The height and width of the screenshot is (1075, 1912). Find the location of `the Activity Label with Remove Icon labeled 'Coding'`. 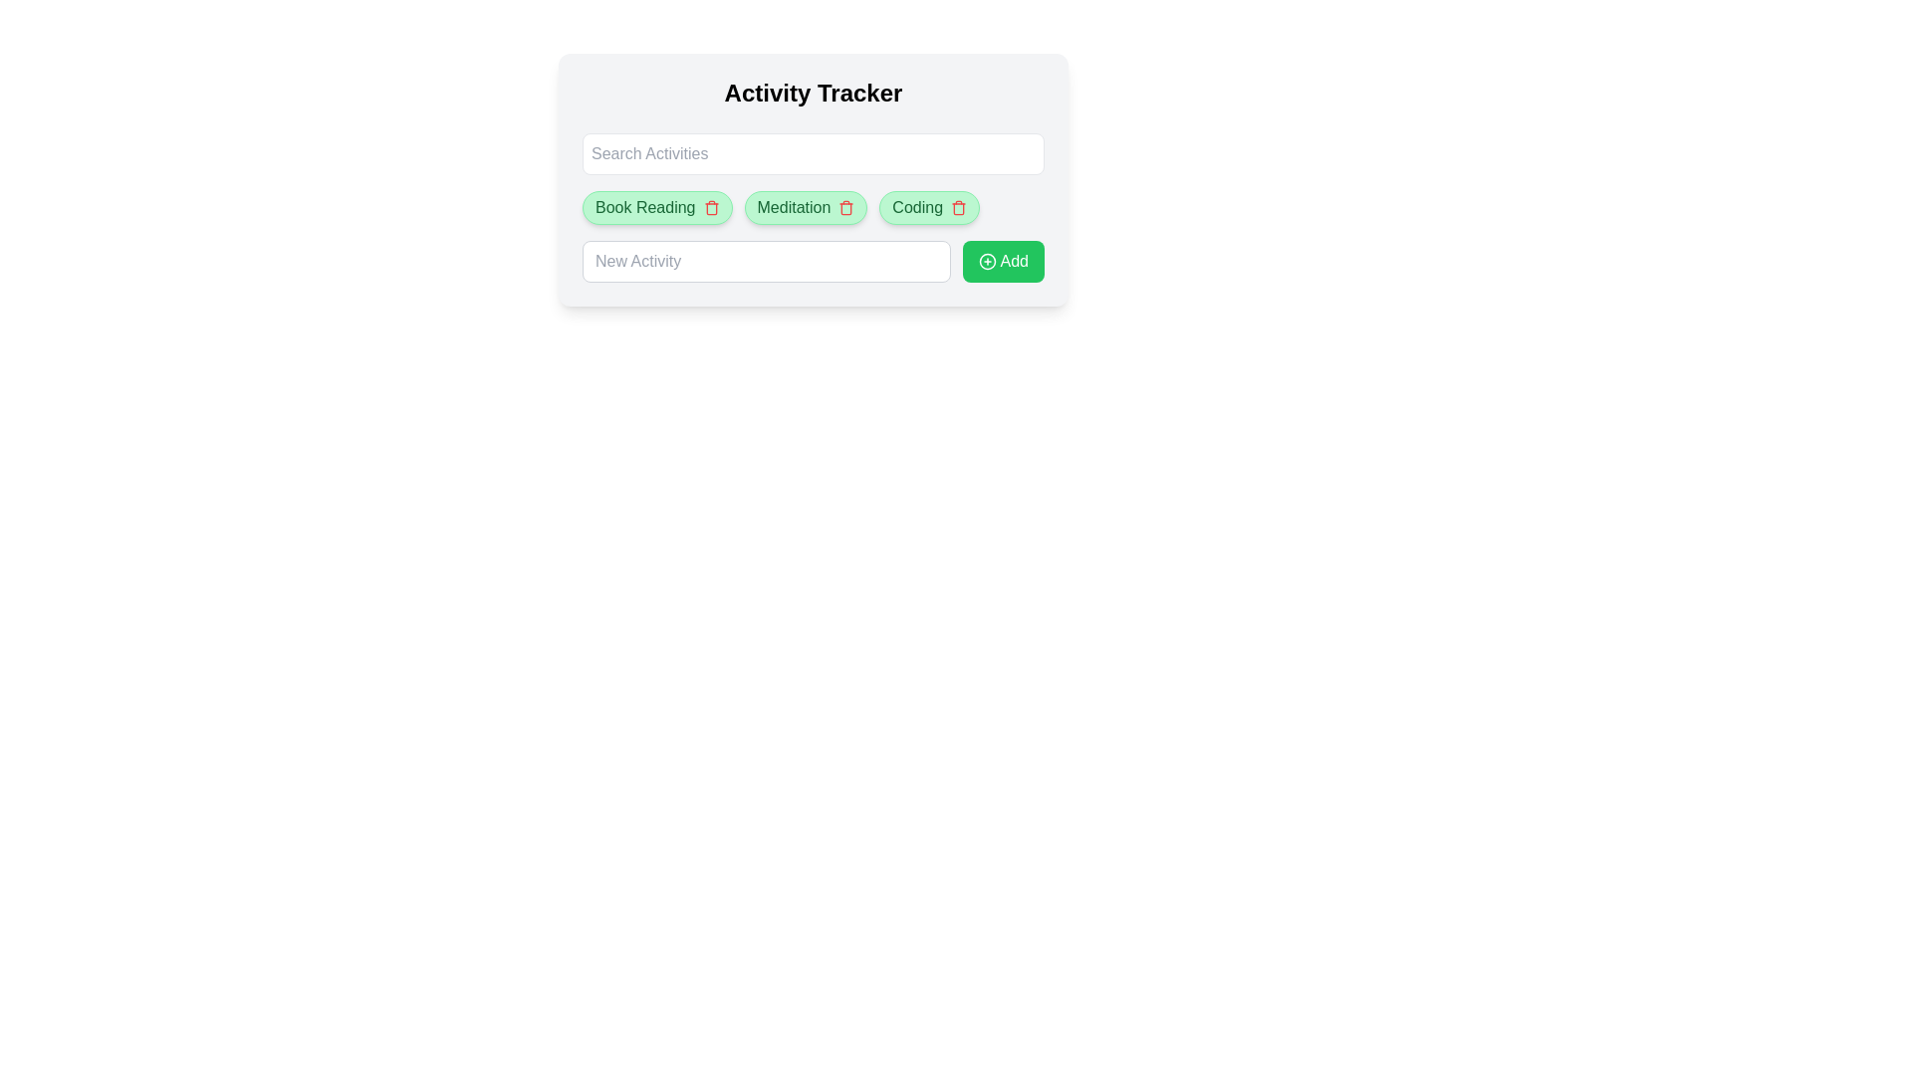

the Activity Label with Remove Icon labeled 'Coding' is located at coordinates (928, 207).